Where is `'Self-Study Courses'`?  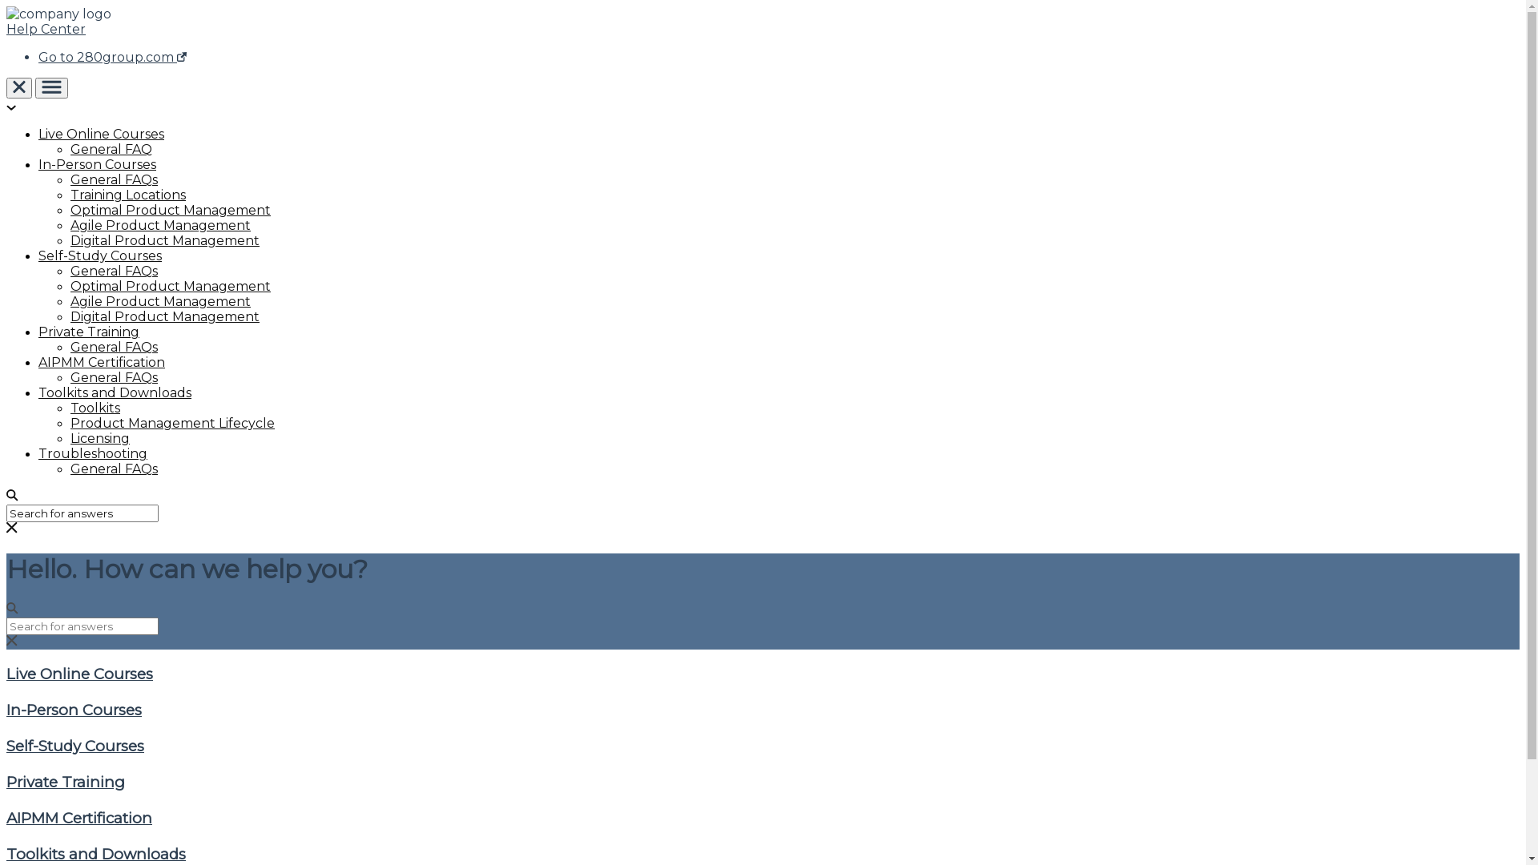
'Self-Study Courses' is located at coordinates (38, 255).